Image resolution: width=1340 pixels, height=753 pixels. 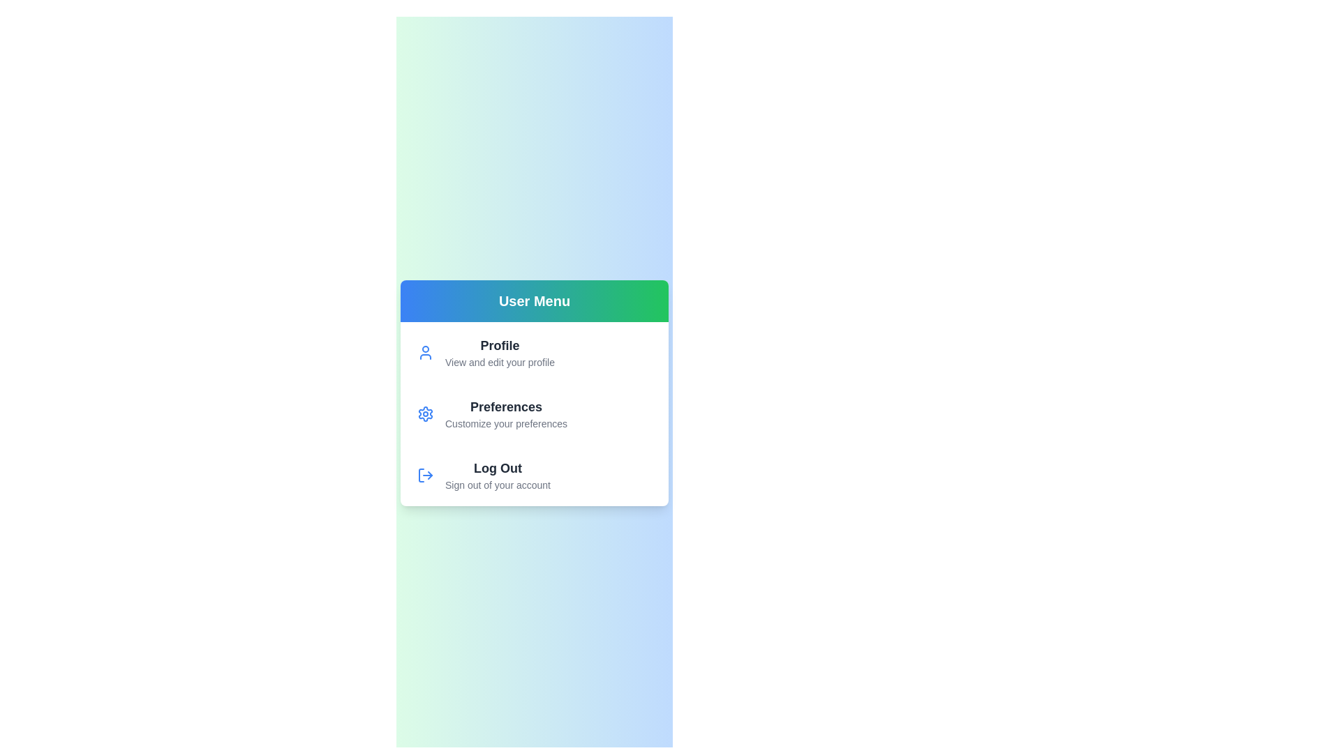 I want to click on the menu option Preferences to reveal its hover effect, so click(x=499, y=413).